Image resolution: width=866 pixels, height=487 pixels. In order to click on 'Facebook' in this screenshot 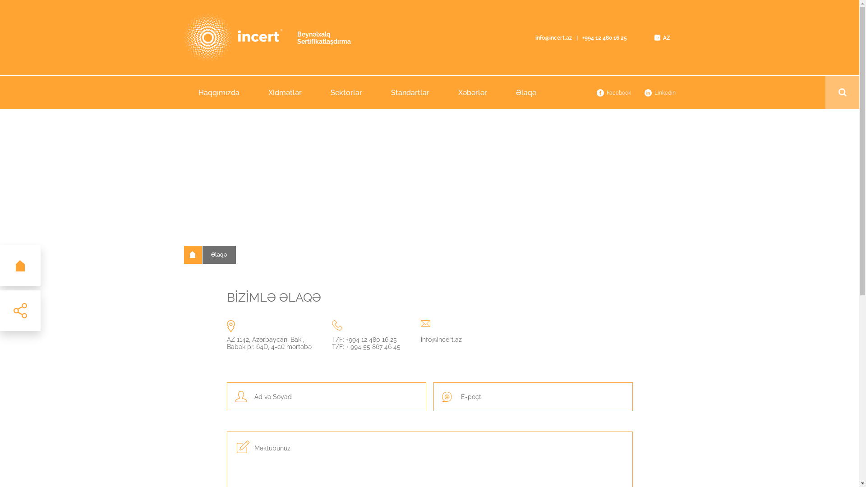, I will do `click(613, 92)`.